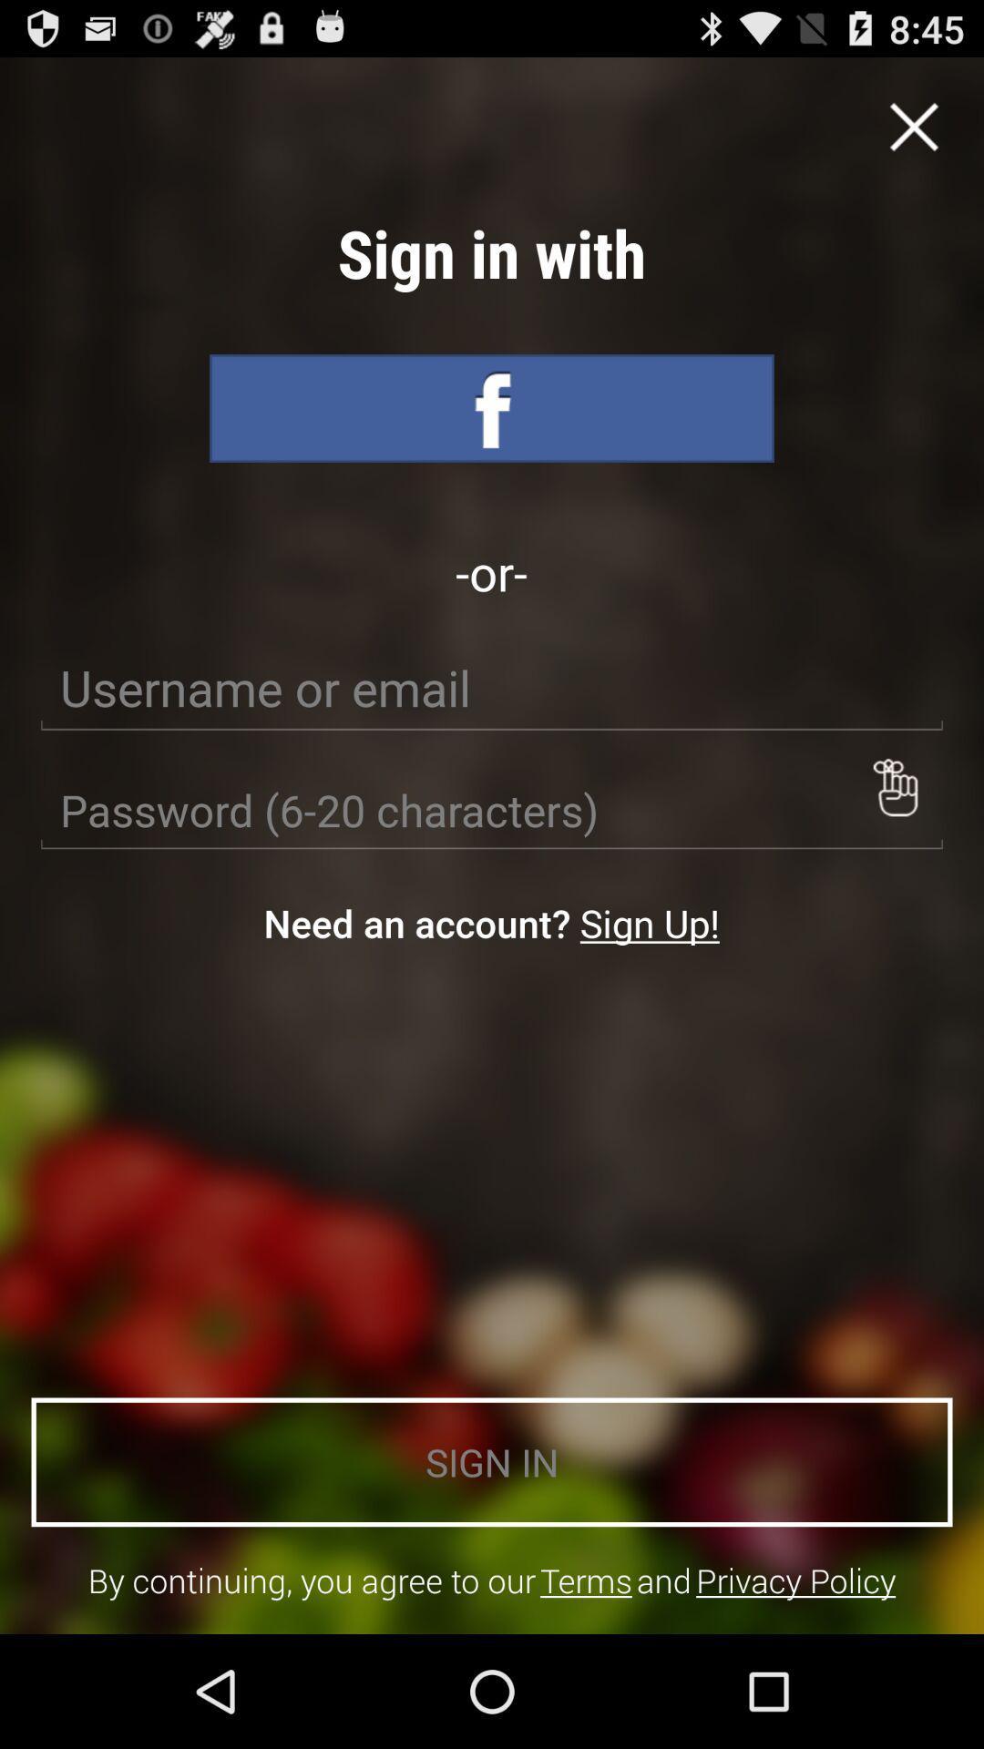  What do you see at coordinates (492, 407) in the screenshot?
I see `sign in` at bounding box center [492, 407].